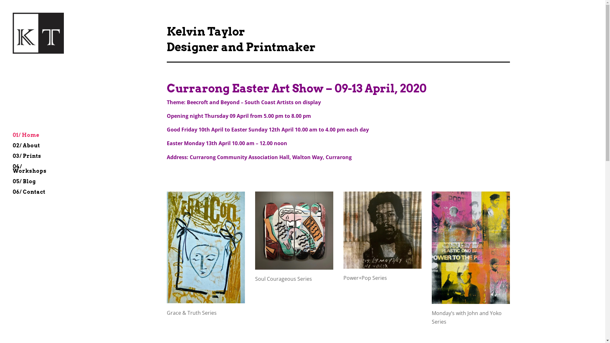 The image size is (610, 343). What do you see at coordinates (41, 185) in the screenshot?
I see `'05/ Blog'` at bounding box center [41, 185].